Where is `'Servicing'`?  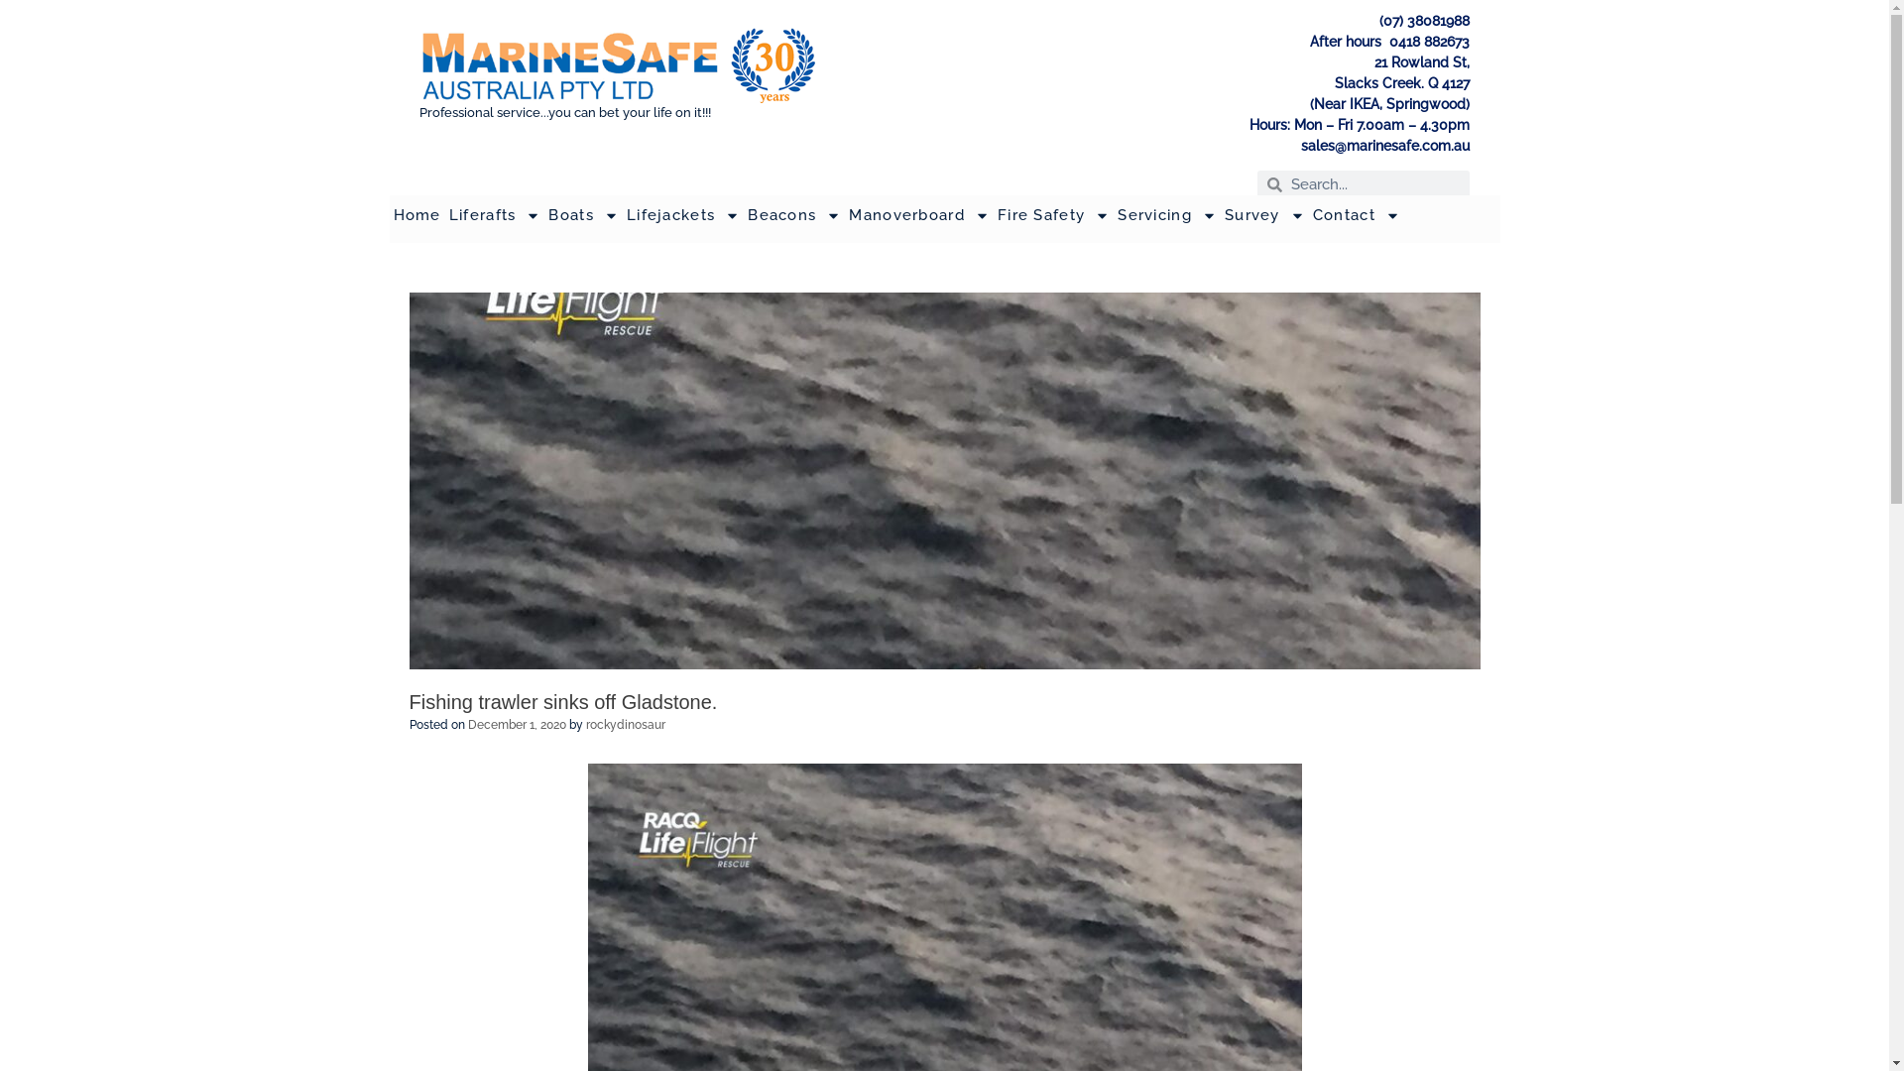
'Servicing' is located at coordinates (1114, 215).